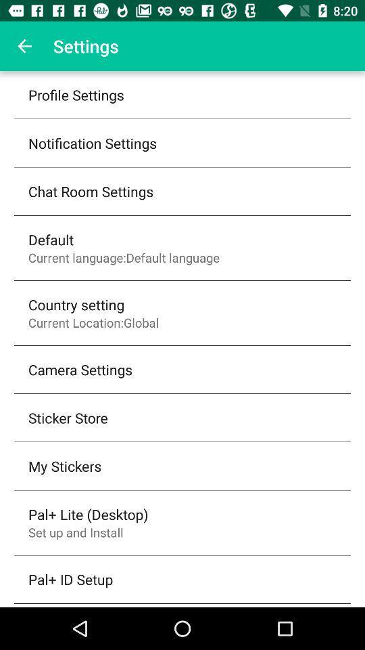 This screenshot has width=365, height=650. Describe the element at coordinates (76, 532) in the screenshot. I see `the icon above the pal+ id setup icon` at that location.